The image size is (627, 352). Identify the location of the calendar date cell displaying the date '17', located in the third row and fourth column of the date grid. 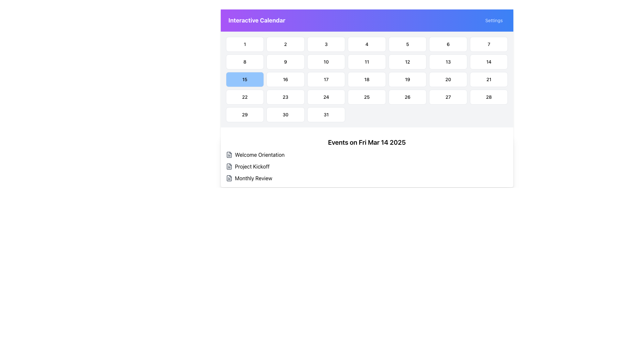
(326, 79).